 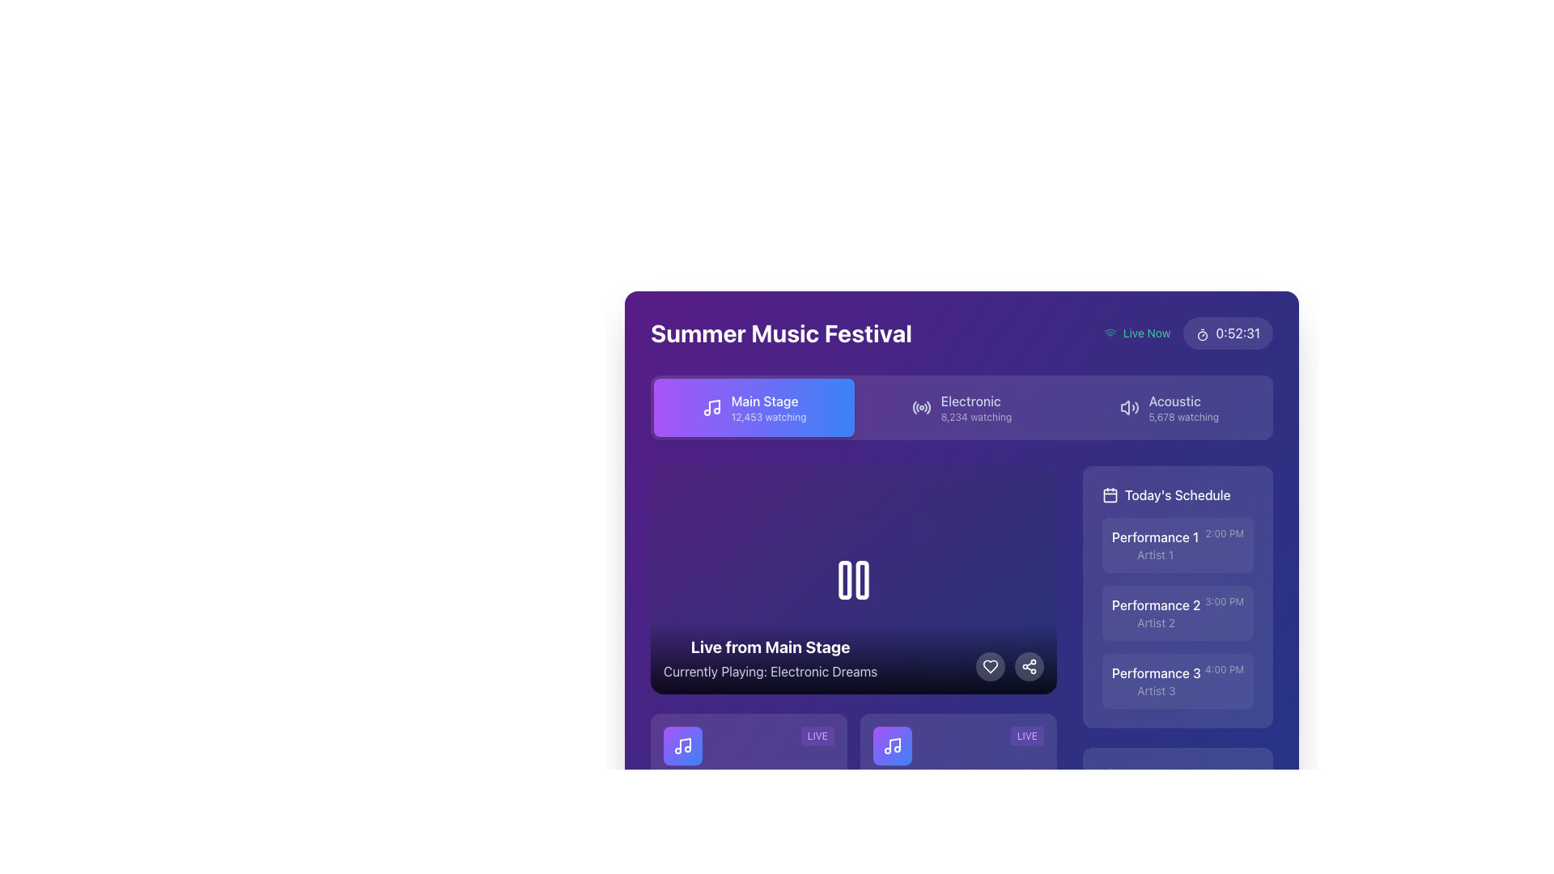 What do you see at coordinates (754, 407) in the screenshot?
I see `the leftmost button` at bounding box center [754, 407].